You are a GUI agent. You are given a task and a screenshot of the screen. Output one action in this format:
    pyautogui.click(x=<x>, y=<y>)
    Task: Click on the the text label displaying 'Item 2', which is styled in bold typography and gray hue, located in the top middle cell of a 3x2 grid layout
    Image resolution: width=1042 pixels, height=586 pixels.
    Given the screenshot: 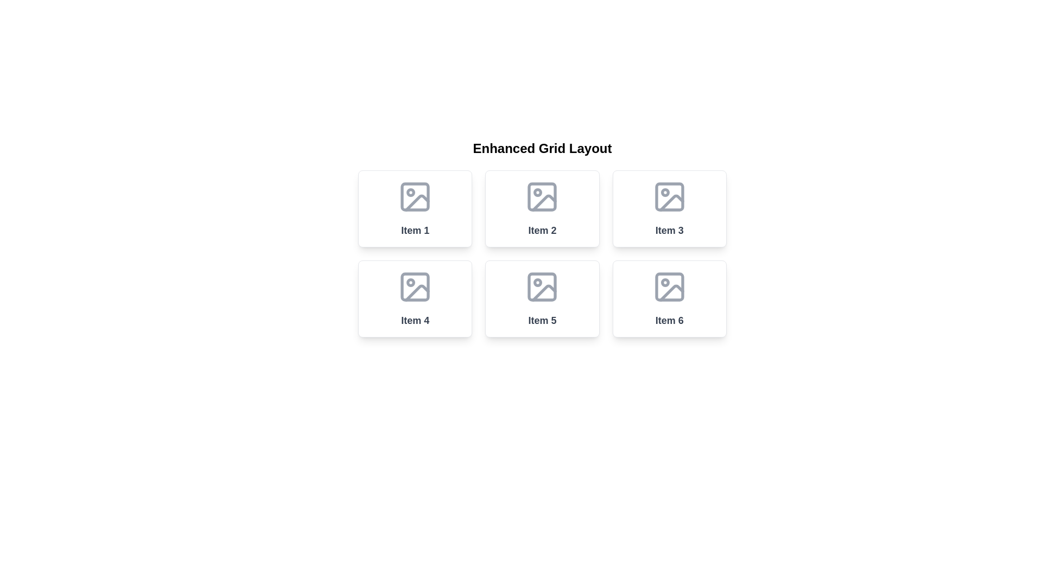 What is the action you would take?
    pyautogui.click(x=542, y=230)
    